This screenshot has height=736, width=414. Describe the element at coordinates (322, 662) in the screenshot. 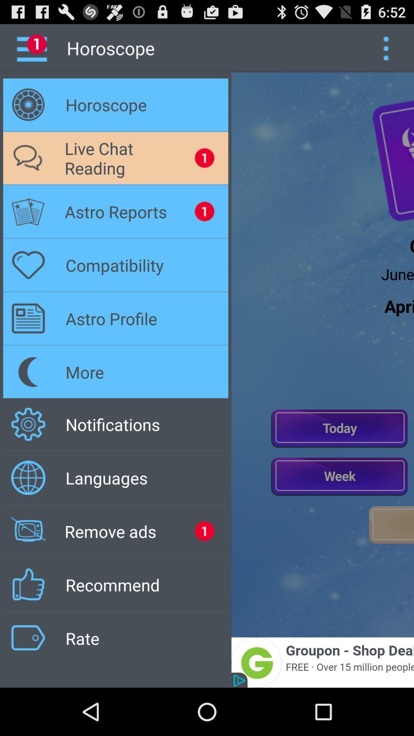

I see `open advertisement` at that location.